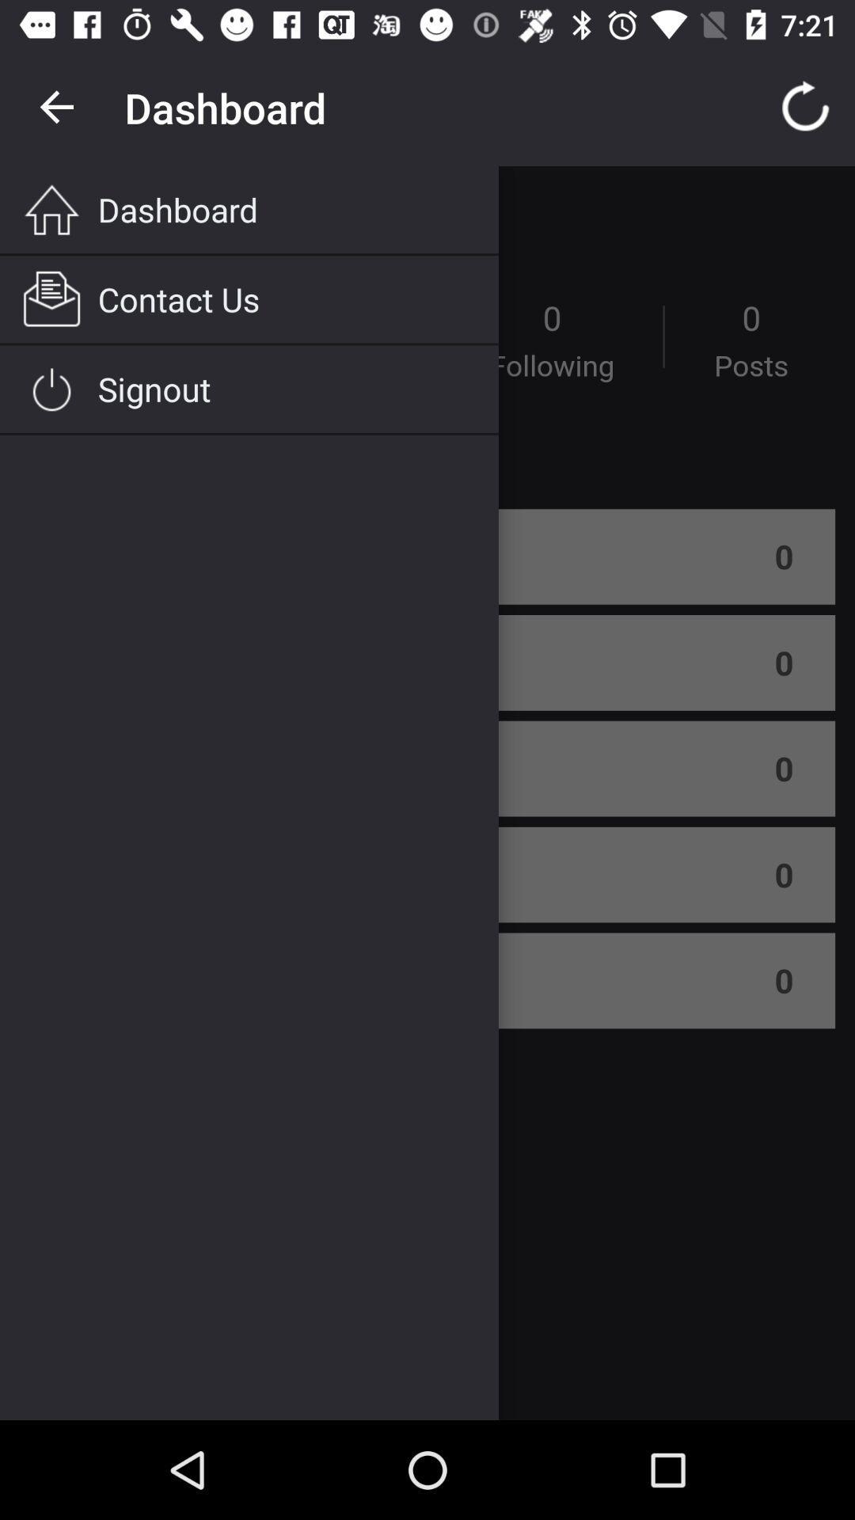  What do you see at coordinates (427, 793) in the screenshot?
I see `menu to access main areas` at bounding box center [427, 793].